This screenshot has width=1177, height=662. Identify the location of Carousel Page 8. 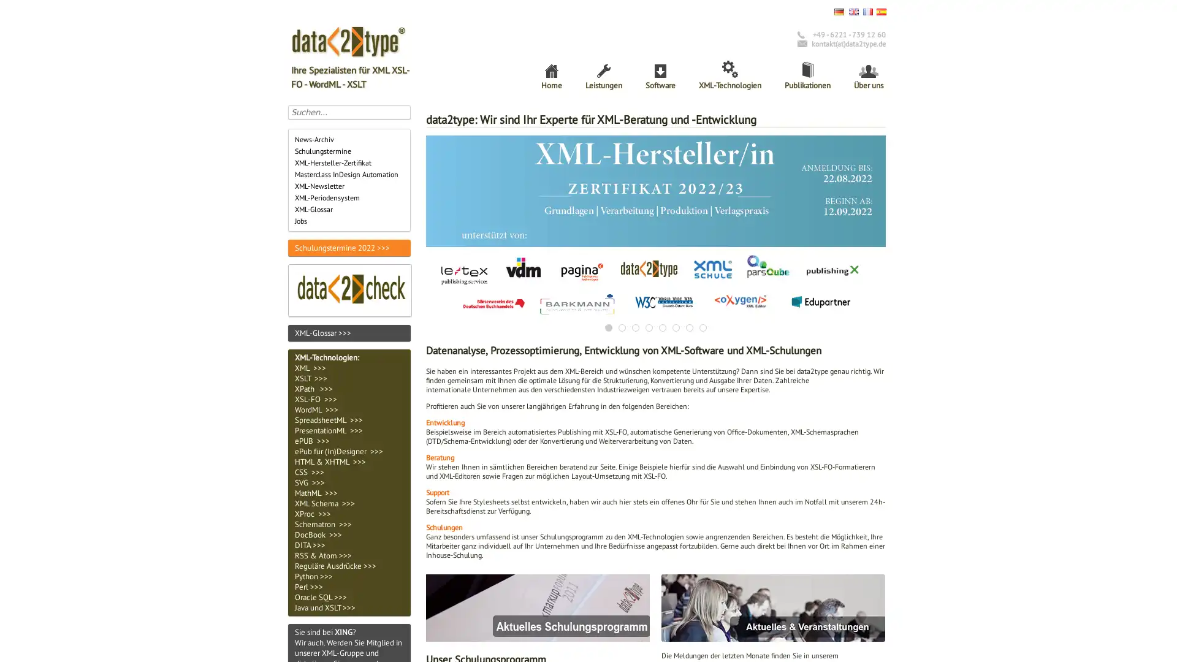
(703, 326).